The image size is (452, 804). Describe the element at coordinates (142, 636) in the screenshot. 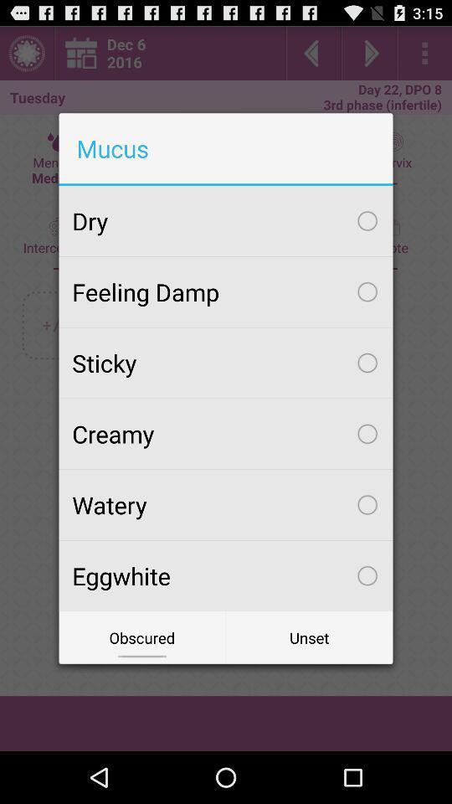

I see `the item at the bottom left corner` at that location.